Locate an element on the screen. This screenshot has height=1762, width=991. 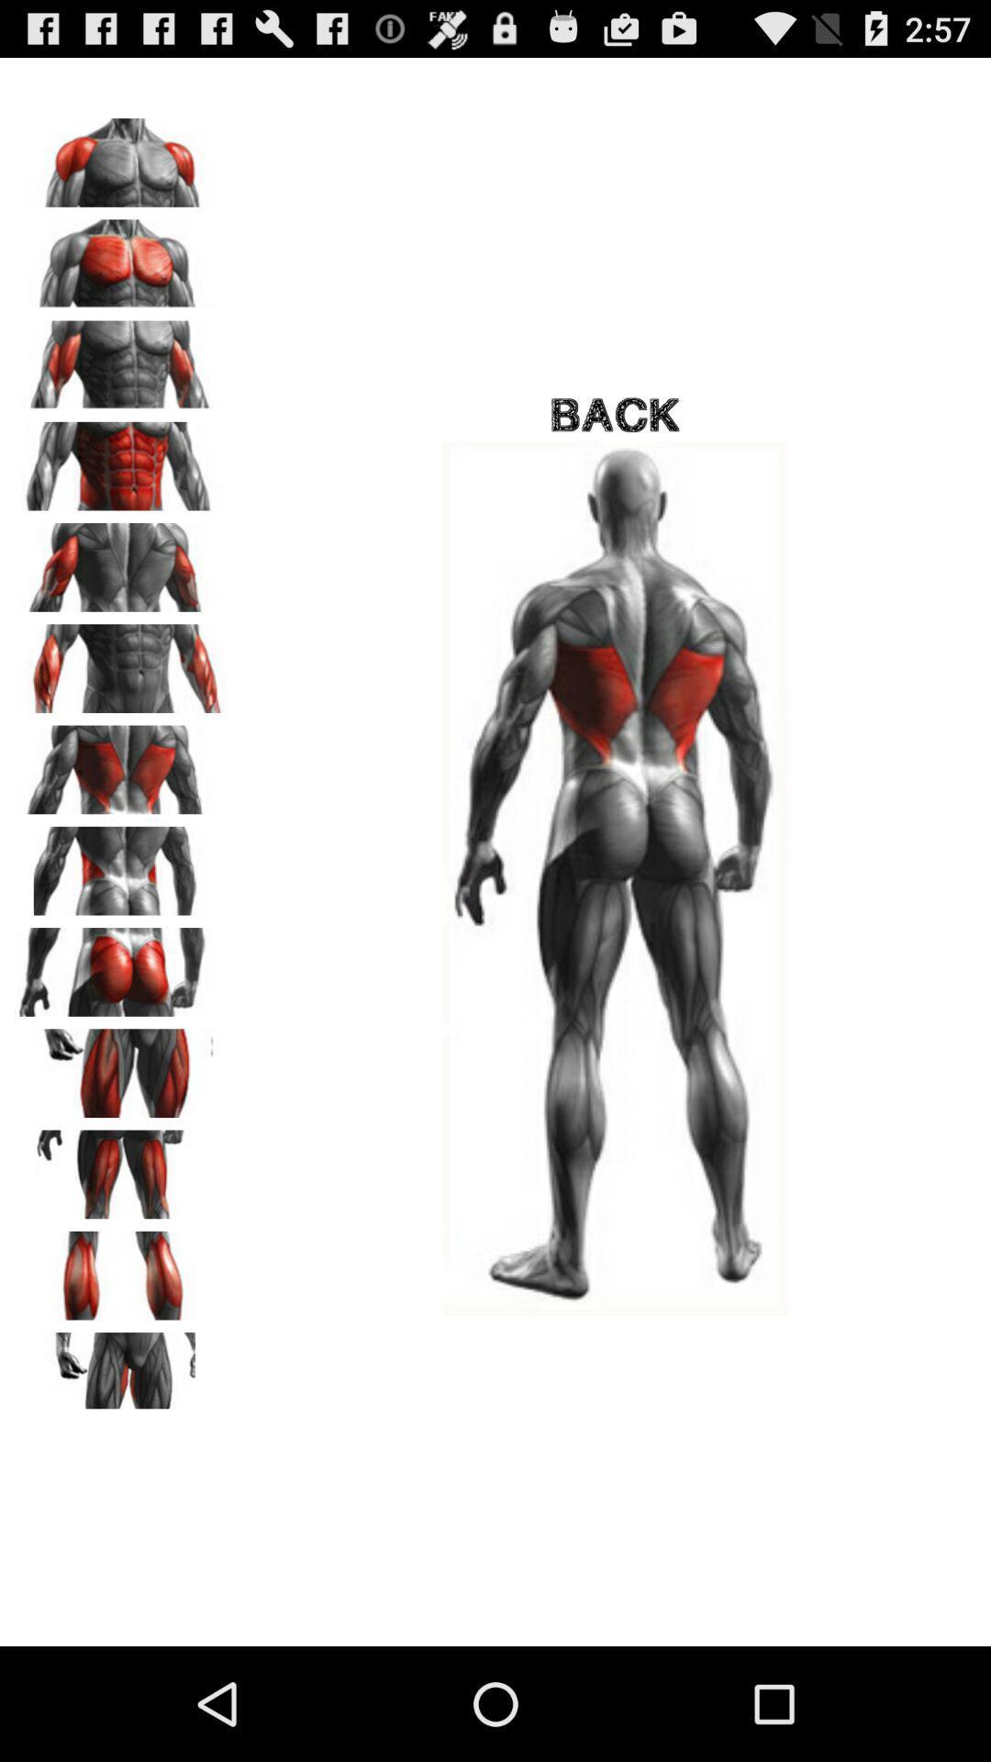
body part selection is located at coordinates (120, 156).